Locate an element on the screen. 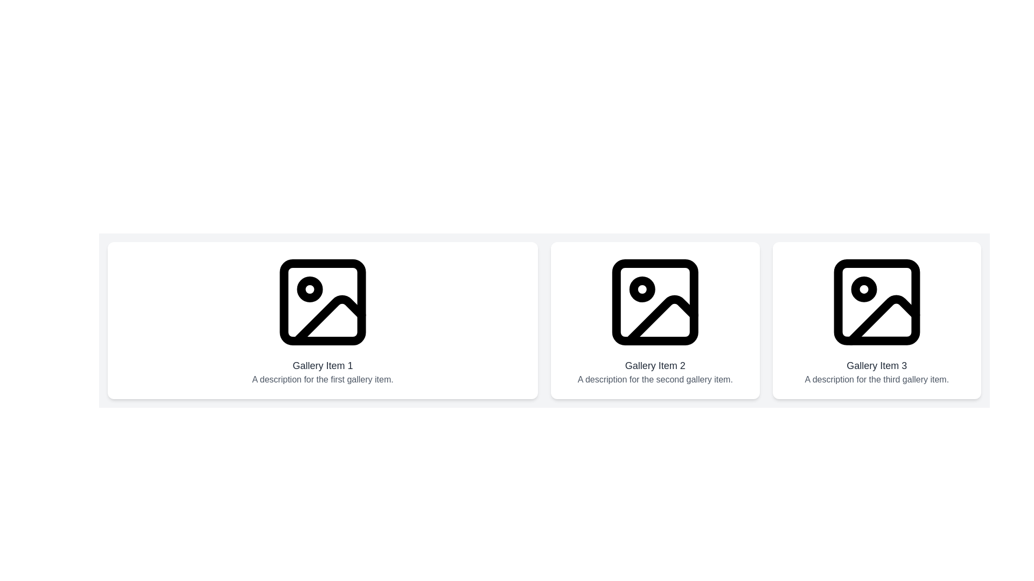 The width and height of the screenshot is (1034, 581). the text element displaying 'A description for the second gallery item.' located beneath the title 'Gallery Item 2' and the related image in the second gallery column is located at coordinates (654, 379).